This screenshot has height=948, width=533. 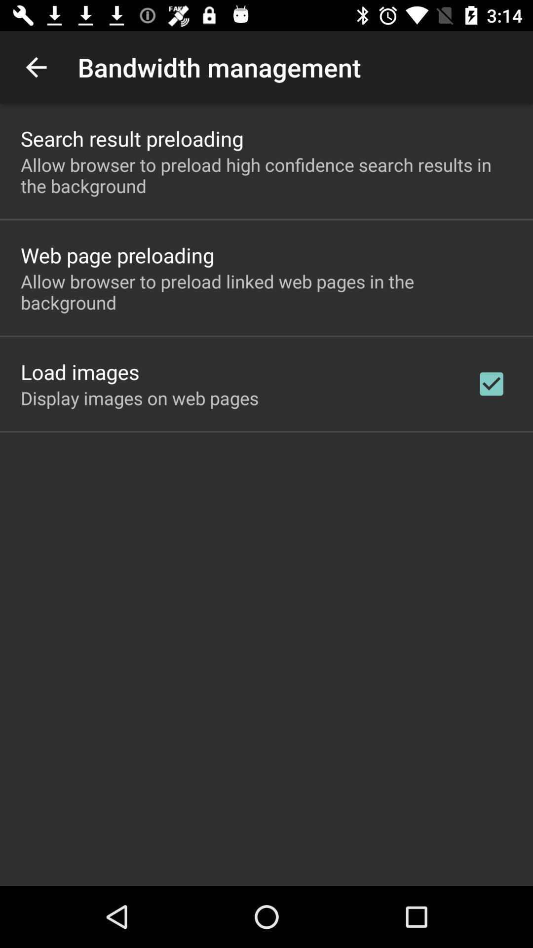 What do you see at coordinates (131, 138) in the screenshot?
I see `the search result preloading app` at bounding box center [131, 138].